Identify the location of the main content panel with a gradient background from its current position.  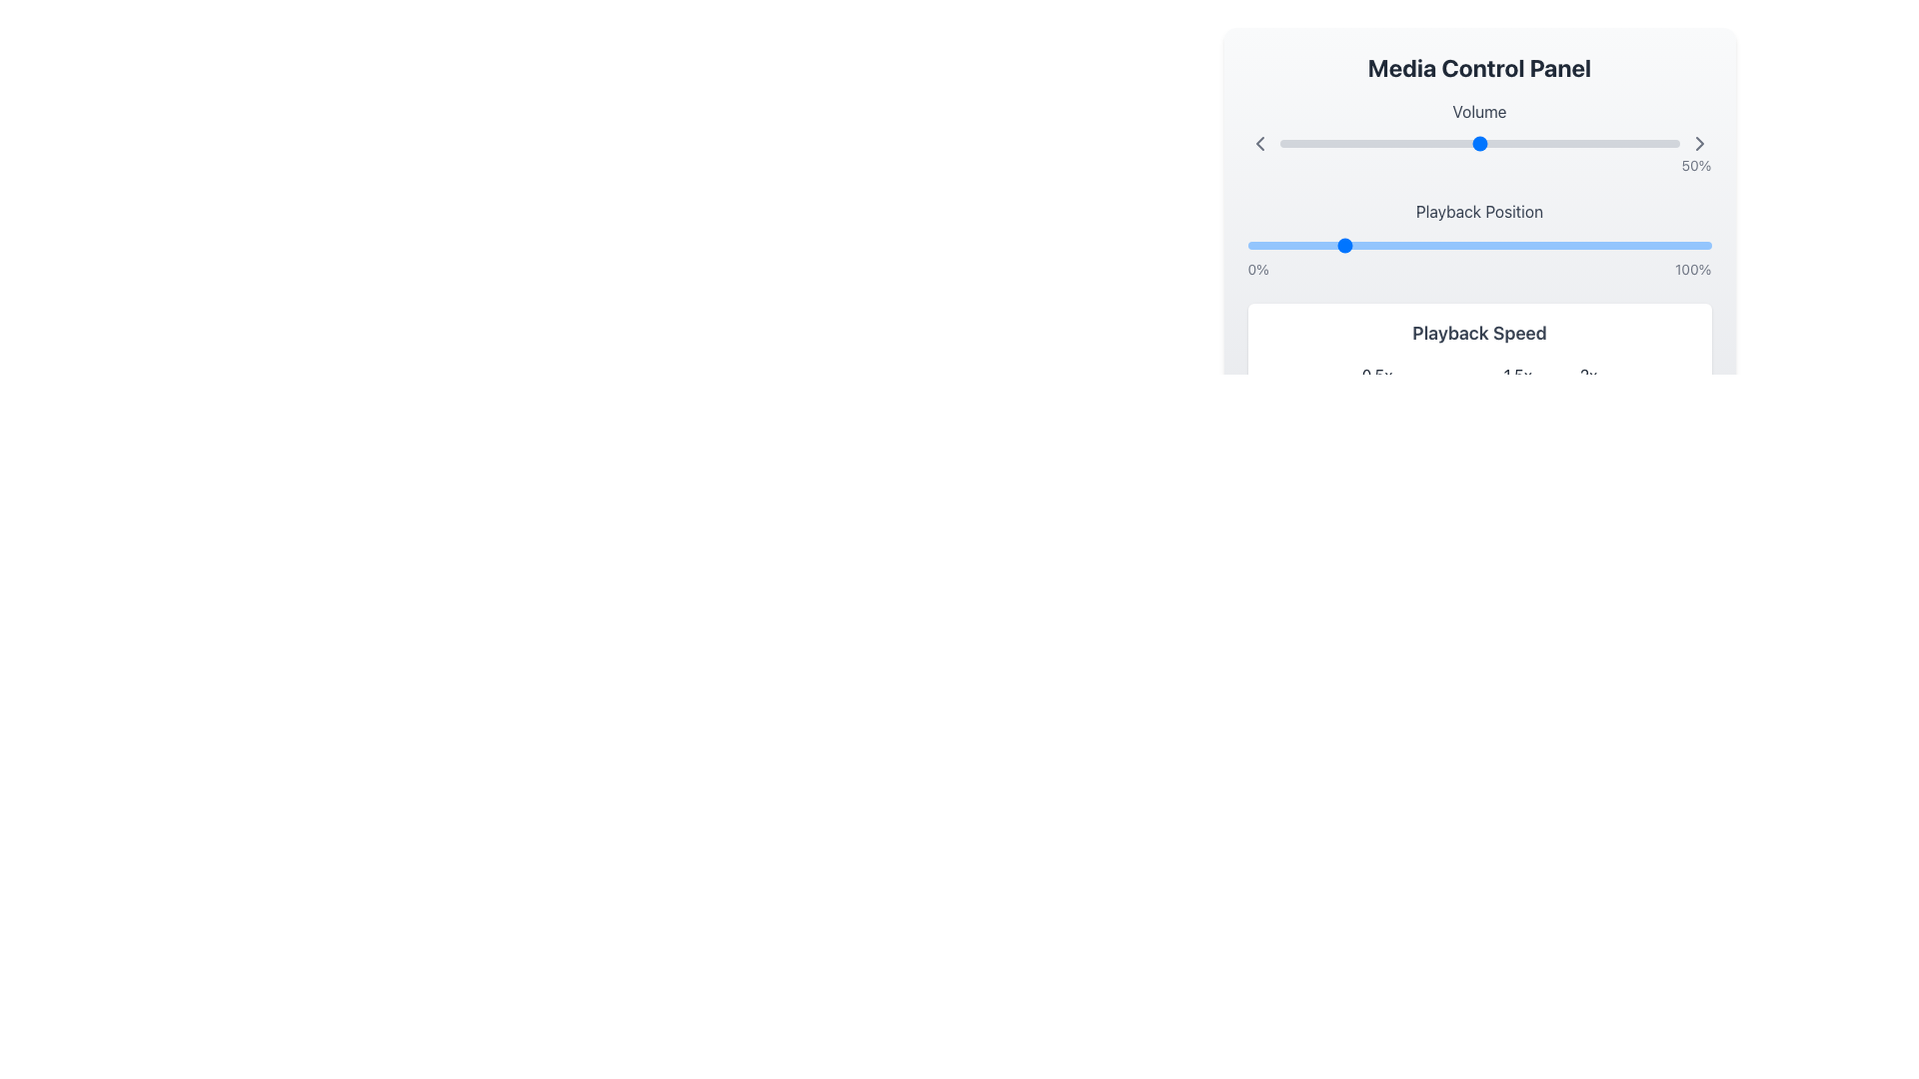
(1479, 266).